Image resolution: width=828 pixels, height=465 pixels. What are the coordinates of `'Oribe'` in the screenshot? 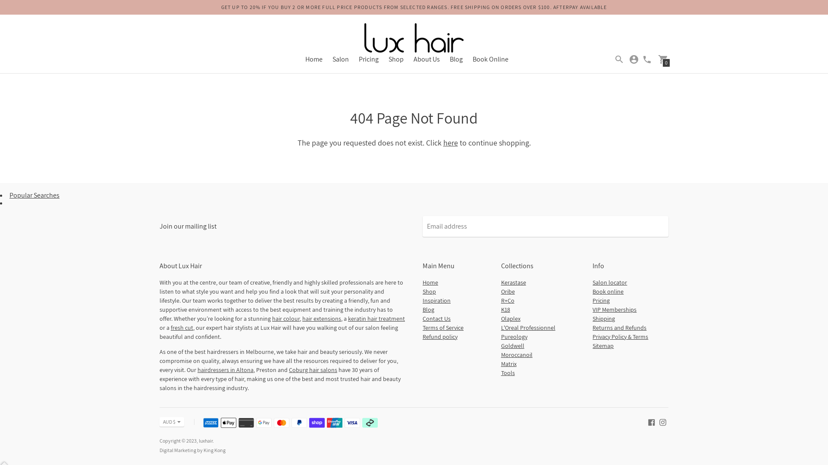 It's located at (501, 291).